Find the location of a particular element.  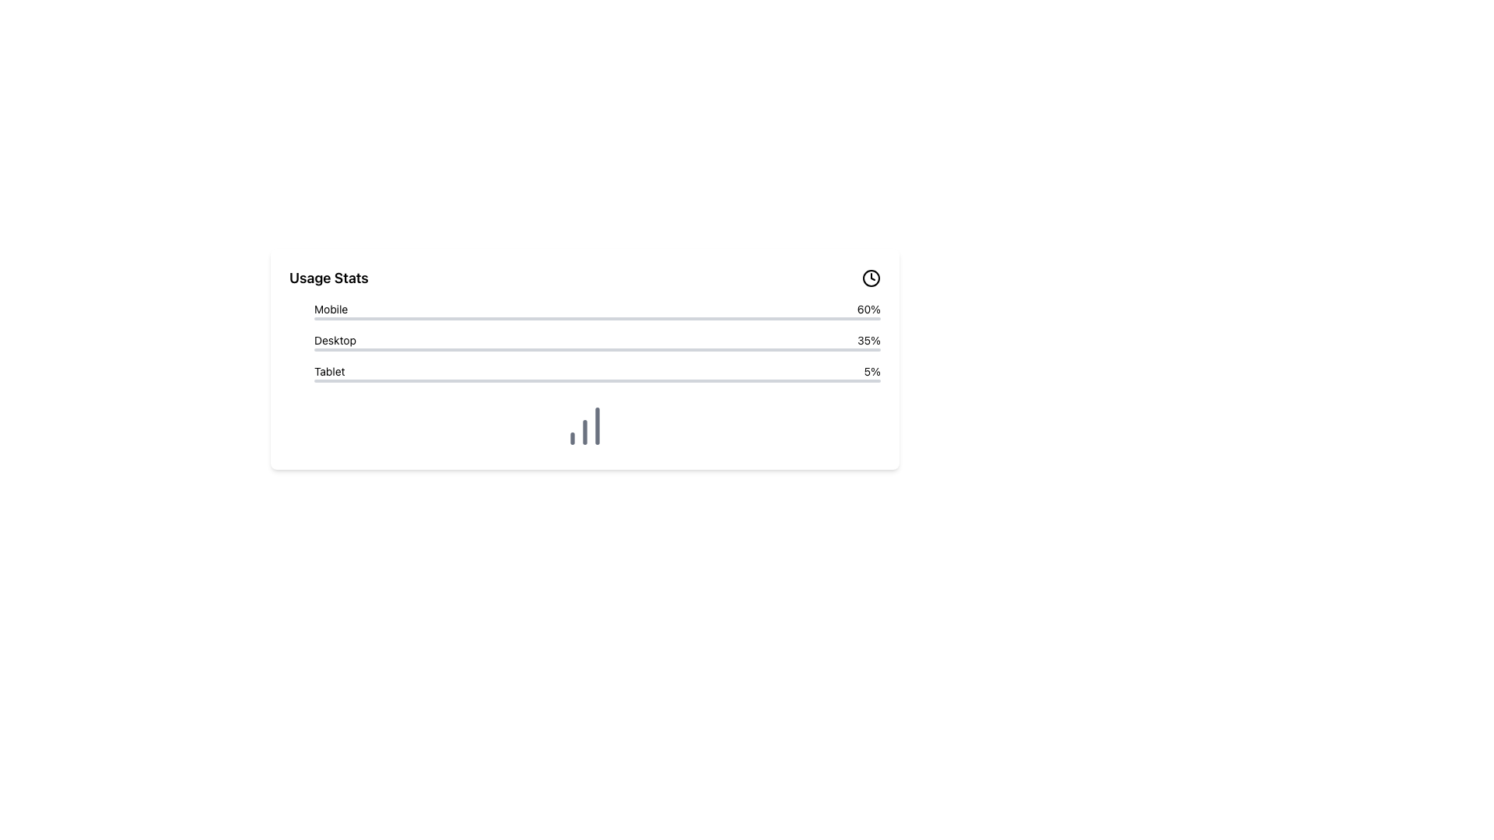

percentage value displayed in the text label that shows '35%' in black text on a white background, aligned to the right of the text 'Desktop' is located at coordinates (868, 340).